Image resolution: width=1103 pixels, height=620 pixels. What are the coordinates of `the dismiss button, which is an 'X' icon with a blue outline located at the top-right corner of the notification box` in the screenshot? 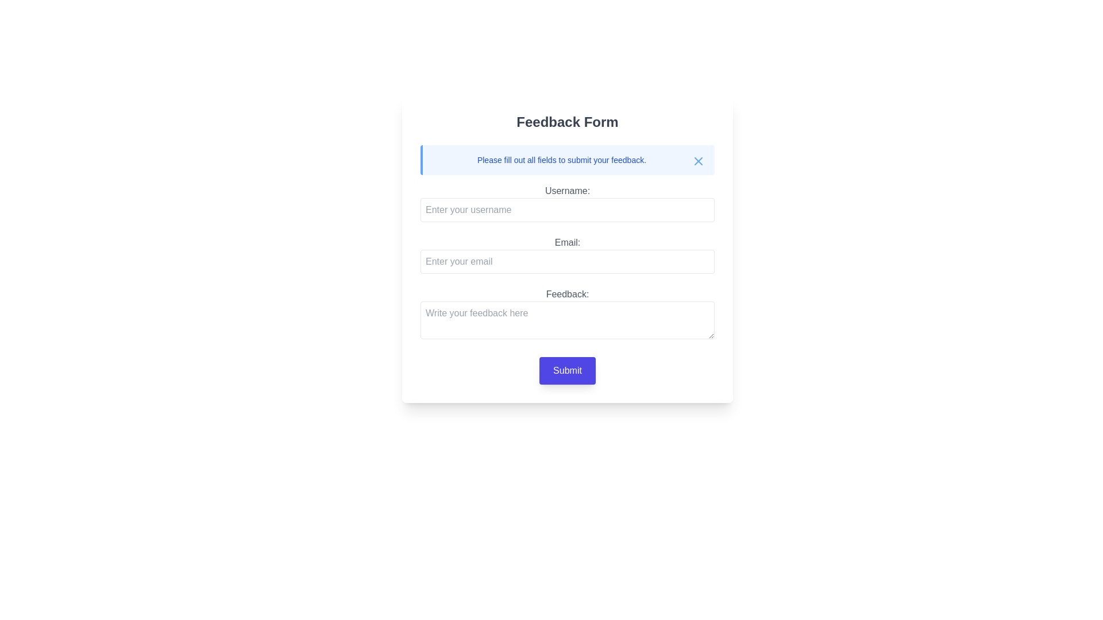 It's located at (697, 161).